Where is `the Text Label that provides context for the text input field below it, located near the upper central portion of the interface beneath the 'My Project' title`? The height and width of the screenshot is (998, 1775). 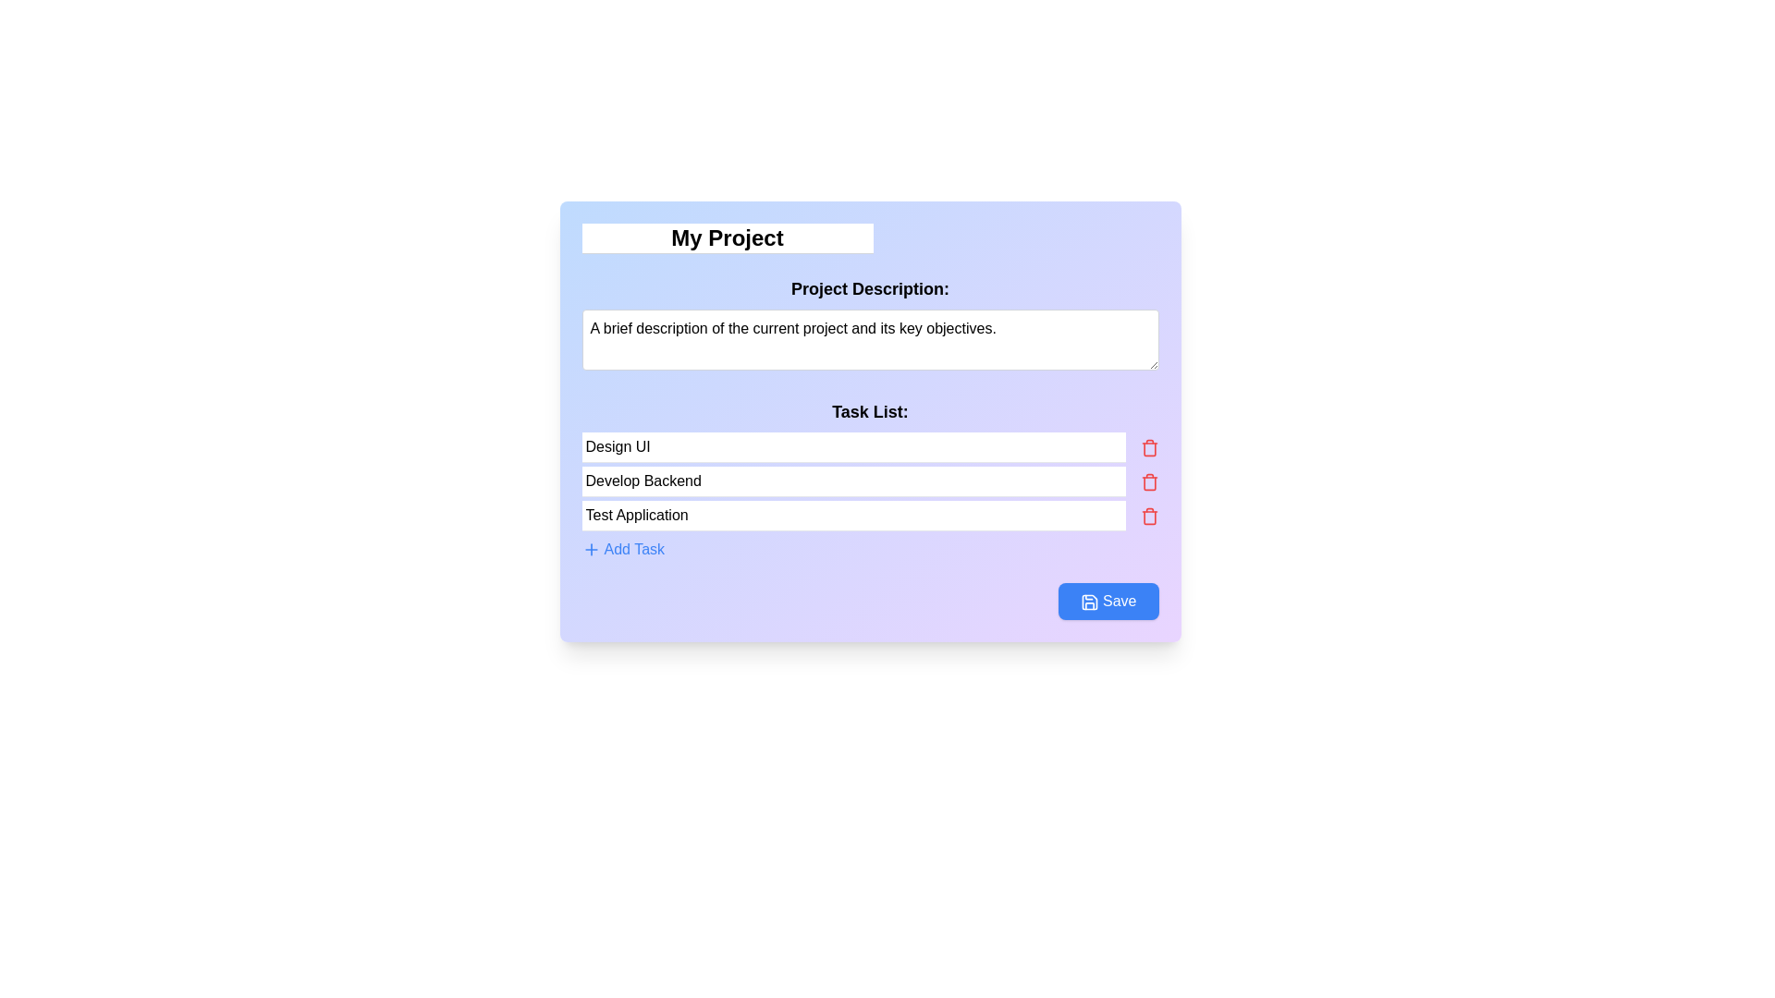
the Text Label that provides context for the text input field below it, located near the upper central portion of the interface beneath the 'My Project' title is located at coordinates (869, 288).